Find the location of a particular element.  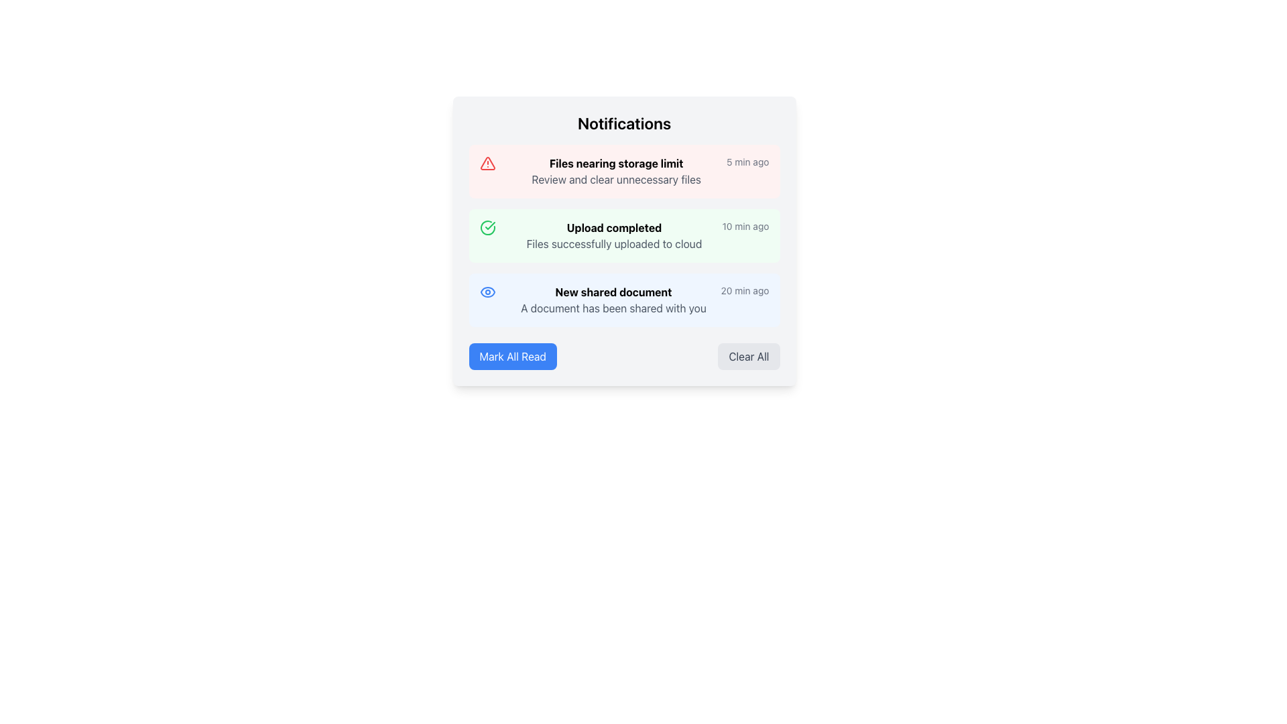

the text label reading 'Upload completed' is located at coordinates (613, 227).